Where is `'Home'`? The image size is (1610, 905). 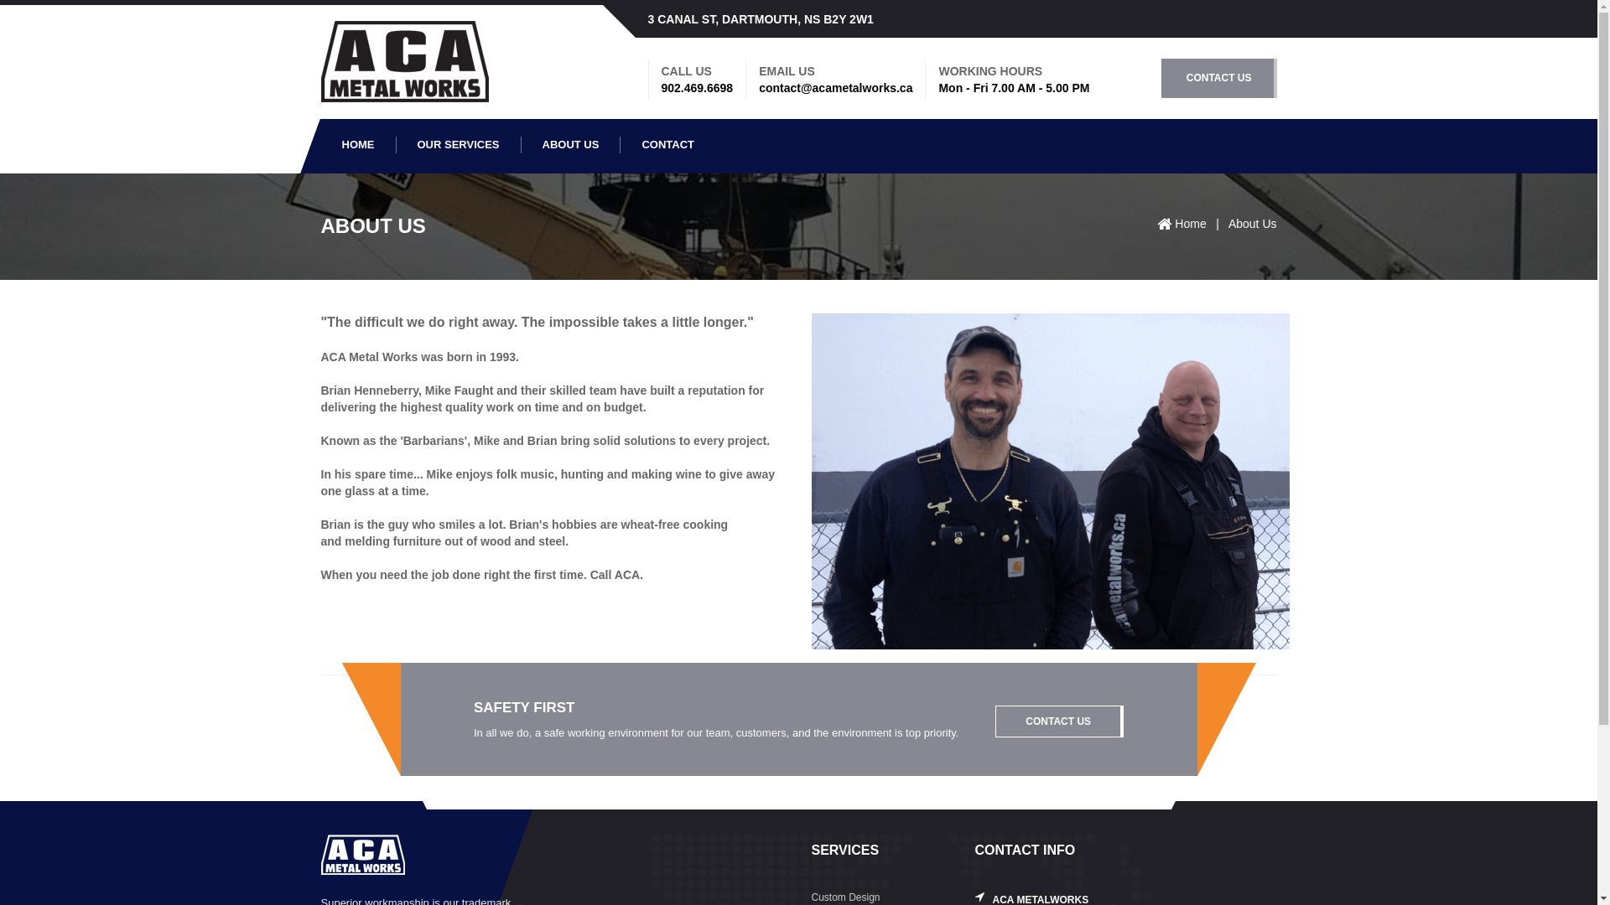
'Home' is located at coordinates (1174, 222).